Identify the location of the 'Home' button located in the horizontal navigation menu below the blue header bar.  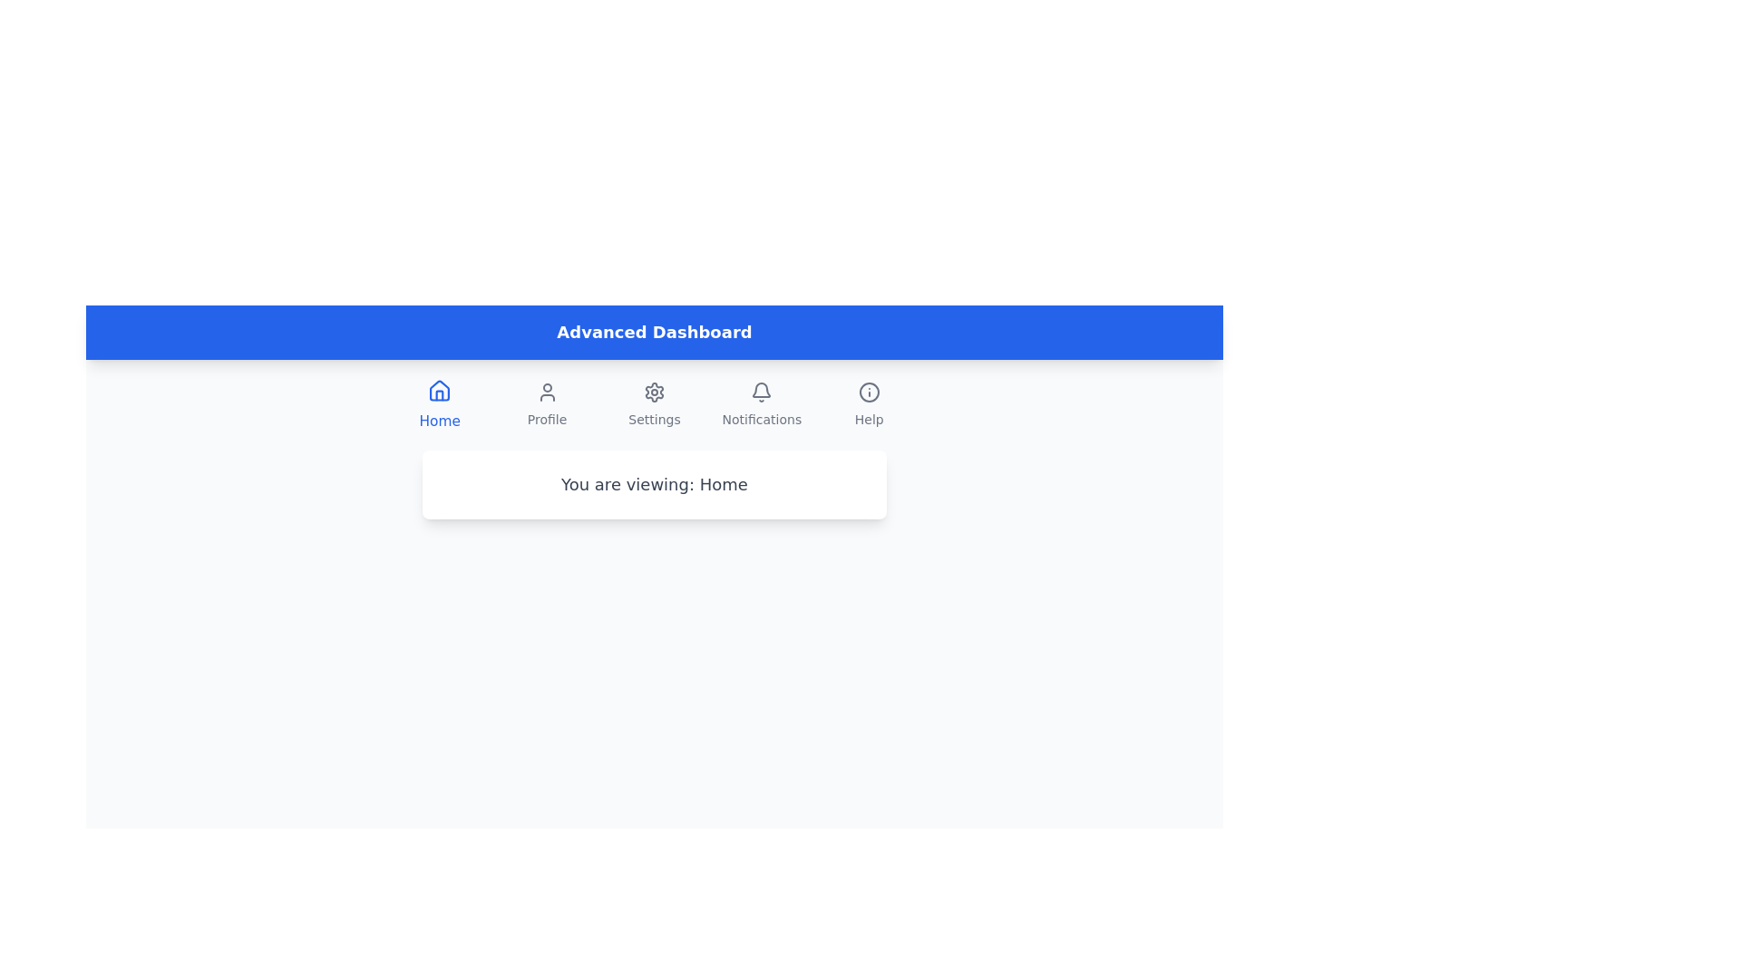
(440, 404).